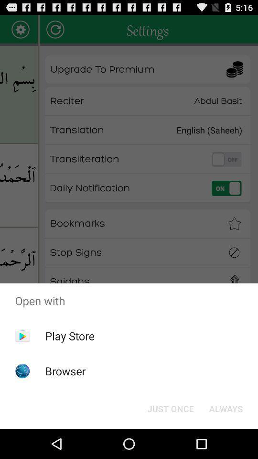  I want to click on app below open with app, so click(170, 408).